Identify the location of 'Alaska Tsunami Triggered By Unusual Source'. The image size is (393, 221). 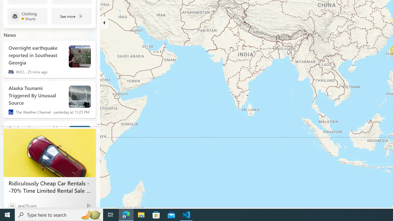
(36, 94).